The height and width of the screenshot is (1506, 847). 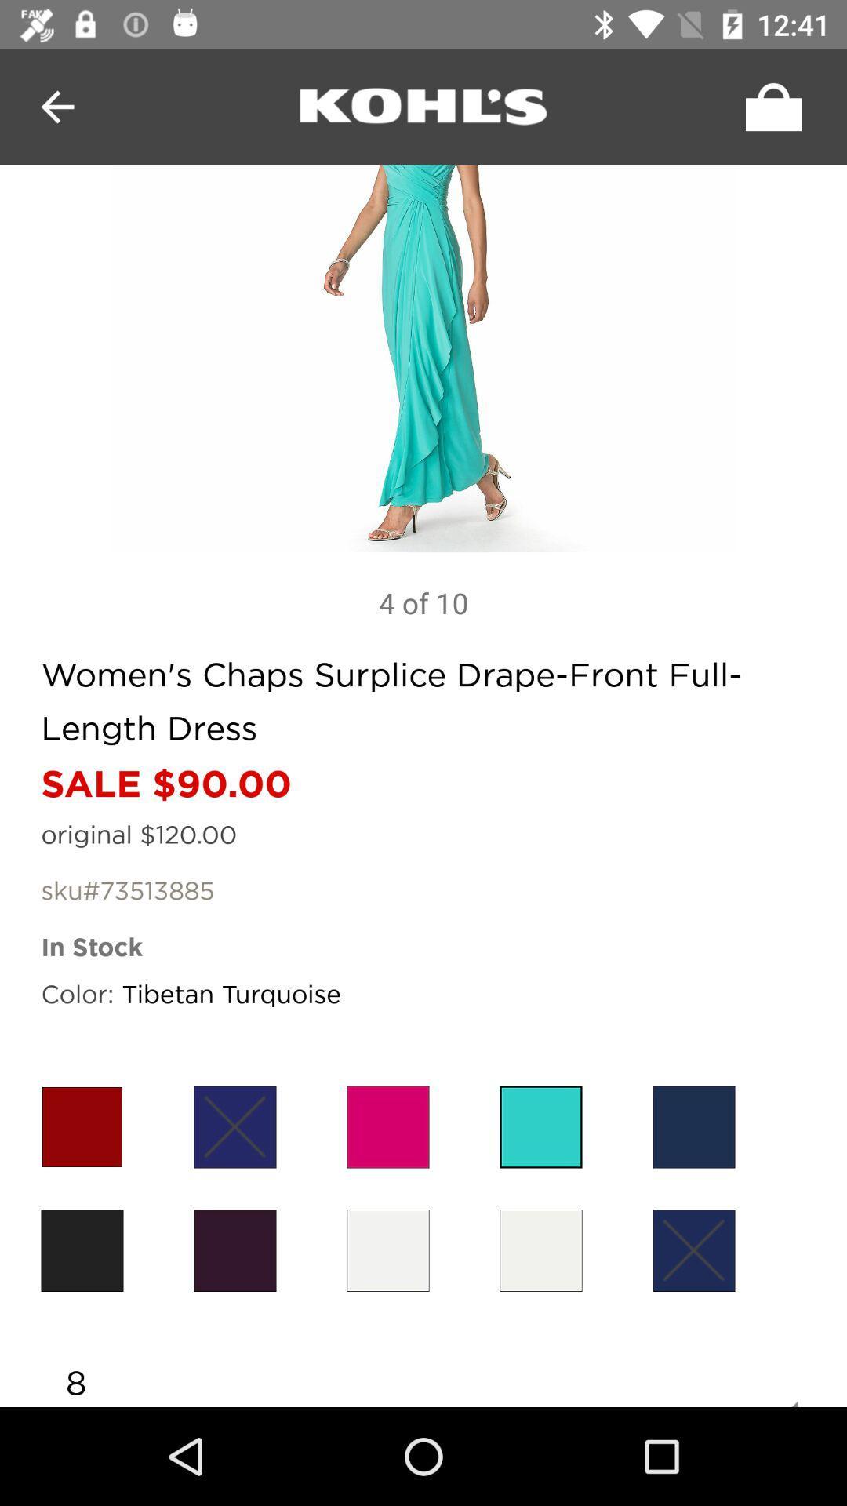 What do you see at coordinates (693, 1126) in the screenshot?
I see `the color bar` at bounding box center [693, 1126].